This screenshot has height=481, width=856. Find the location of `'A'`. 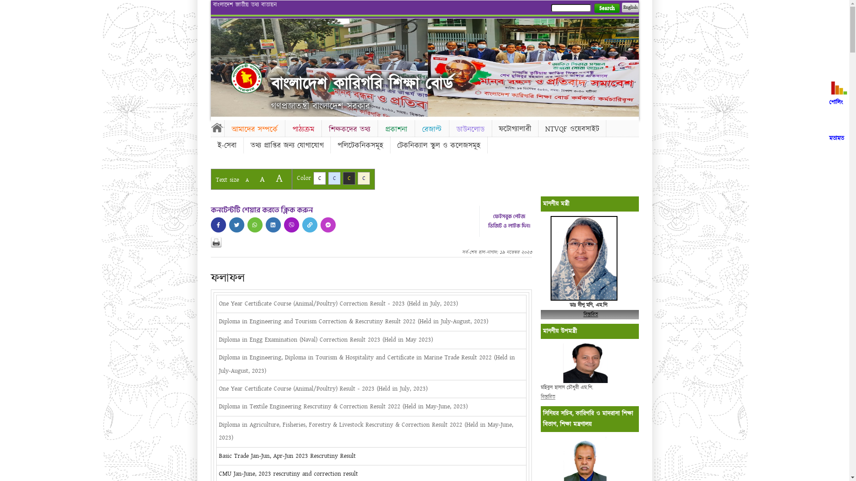

'A' is located at coordinates (278, 178).